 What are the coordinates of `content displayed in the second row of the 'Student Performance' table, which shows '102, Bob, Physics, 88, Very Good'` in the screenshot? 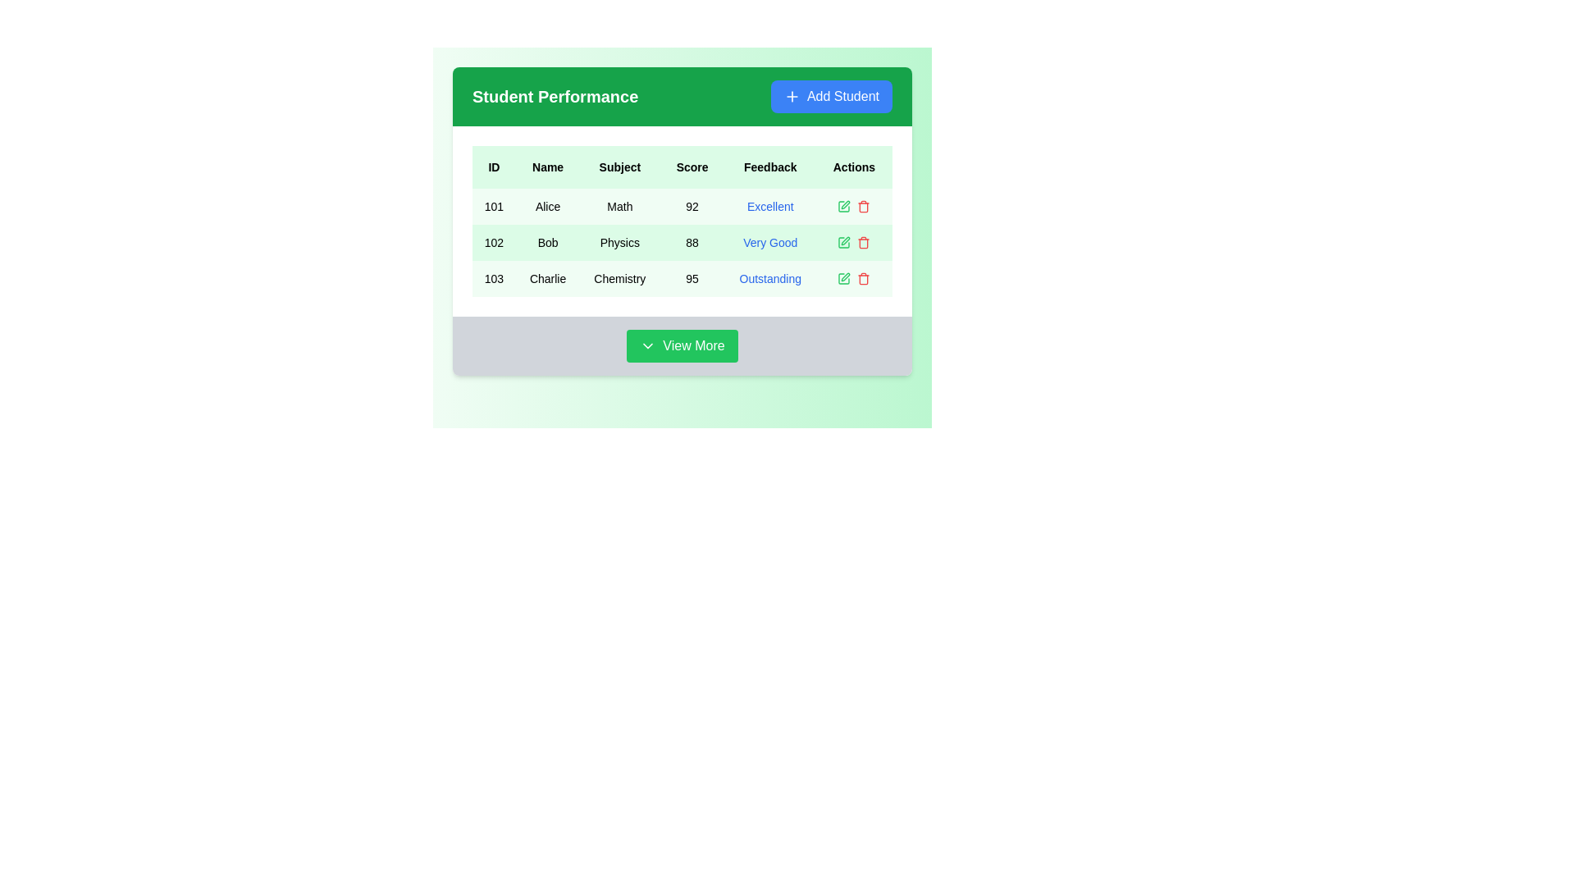 It's located at (682, 243).